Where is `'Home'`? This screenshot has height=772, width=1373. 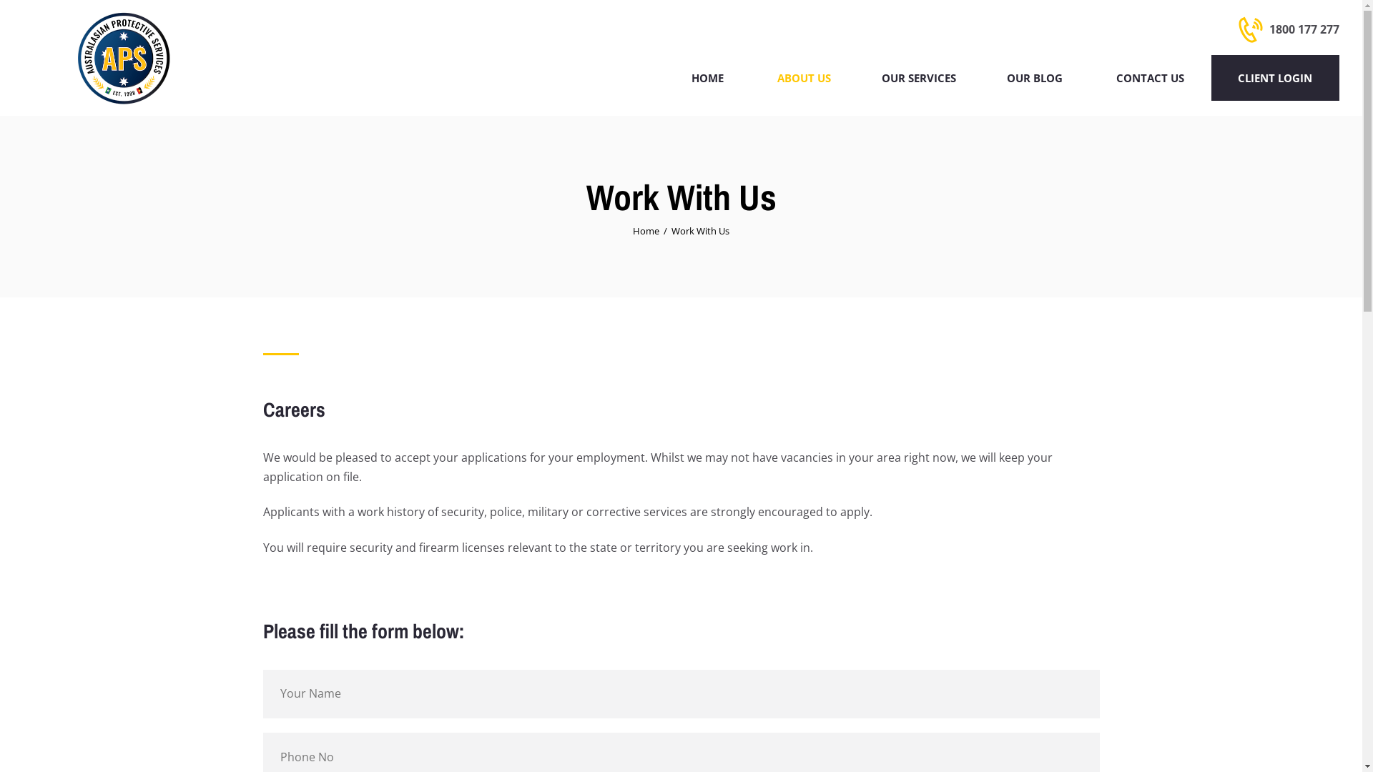
'Home' is located at coordinates (645, 230).